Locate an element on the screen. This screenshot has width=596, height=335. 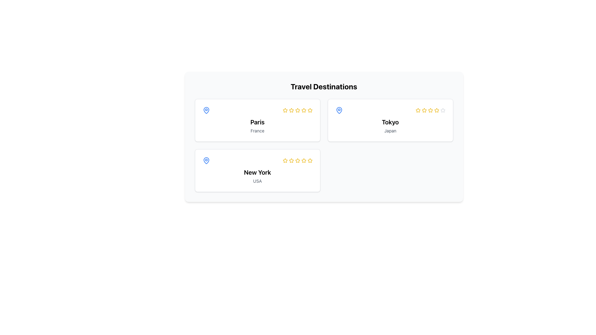
the fifth yellow star icon with a hollow center, which is located to the right of the text 'Paris' and above 'France' is located at coordinates (310, 110).